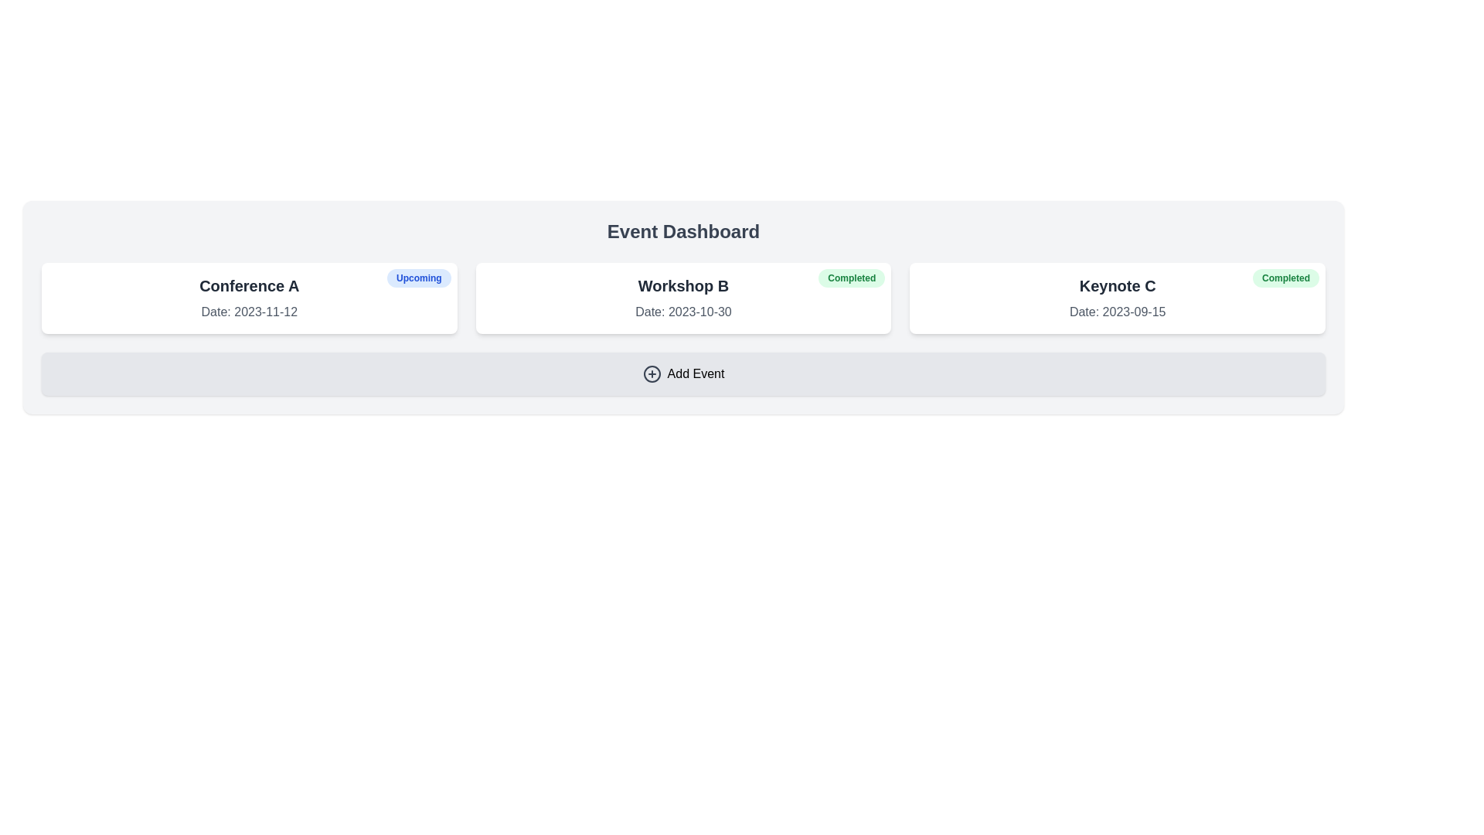  What do you see at coordinates (1286, 277) in the screenshot?
I see `the completion status label located at the top-right corner of the 'Keynote C' event card dated '2023-09-15'` at bounding box center [1286, 277].